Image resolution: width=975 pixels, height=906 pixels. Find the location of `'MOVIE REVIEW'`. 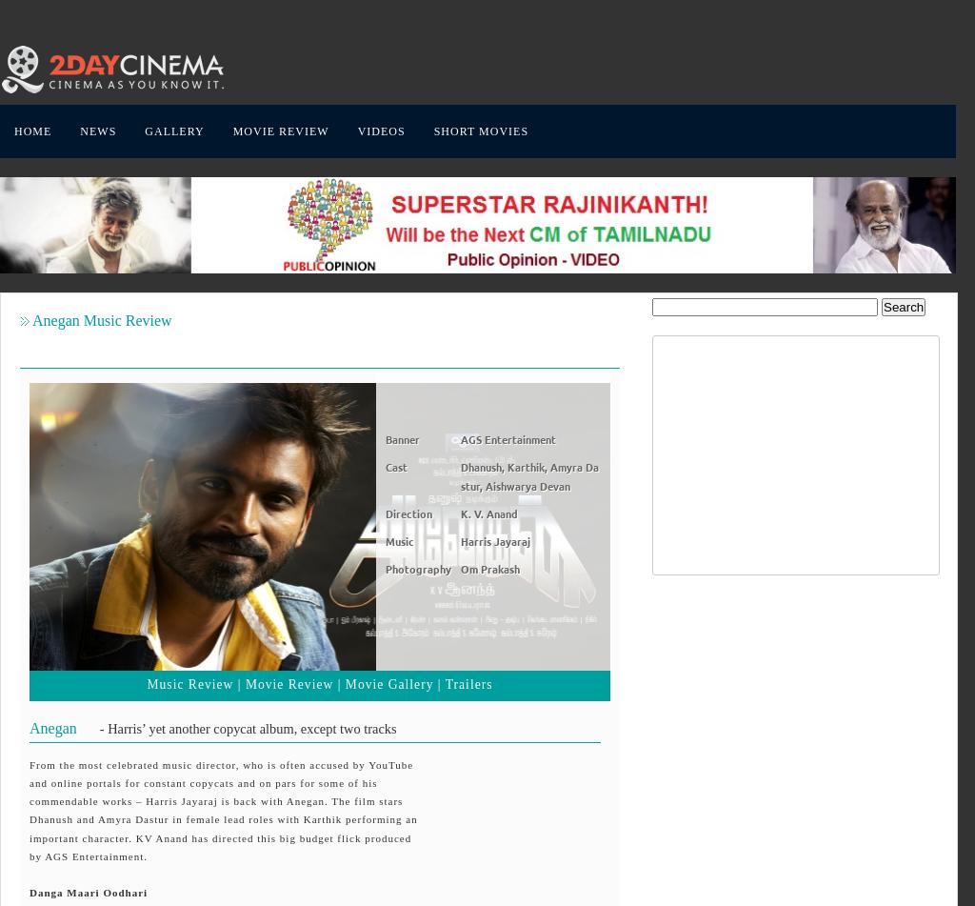

'MOVIE REVIEW' is located at coordinates (231, 131).